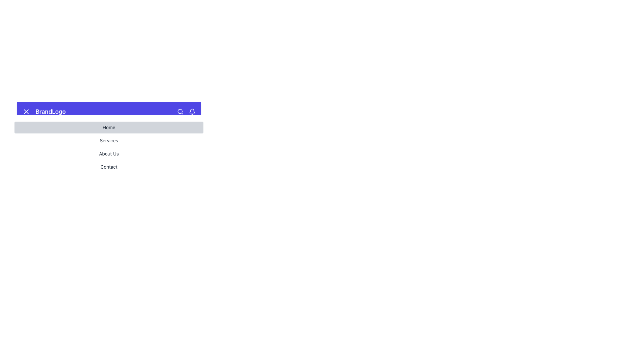 The image size is (632, 355). Describe the element at coordinates (109, 128) in the screenshot. I see `the 'Home' button, which is the first item in a vertical list of navigation options` at that location.